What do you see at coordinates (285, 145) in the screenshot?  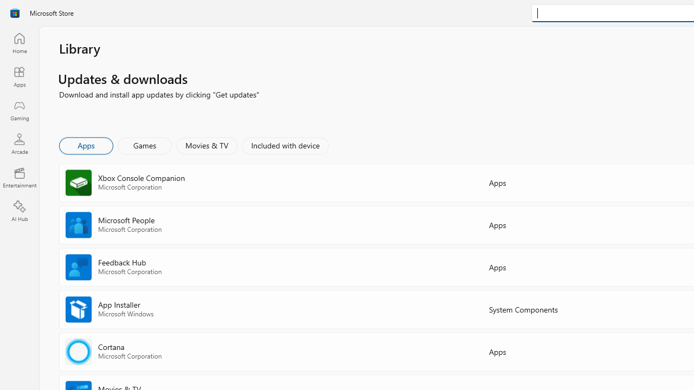 I see `'Included with device'` at bounding box center [285, 145].